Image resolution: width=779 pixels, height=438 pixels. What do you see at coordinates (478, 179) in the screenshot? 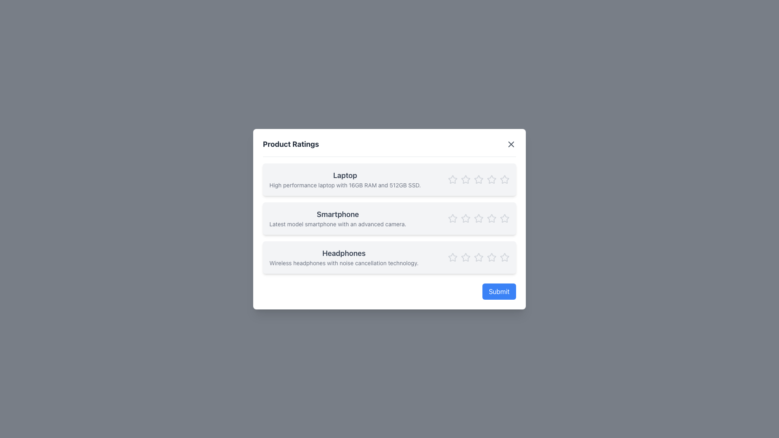
I see `the outlined gray star icon, which is the fourth star in a row of five star icons in the 'Laptop' rating row` at bounding box center [478, 179].